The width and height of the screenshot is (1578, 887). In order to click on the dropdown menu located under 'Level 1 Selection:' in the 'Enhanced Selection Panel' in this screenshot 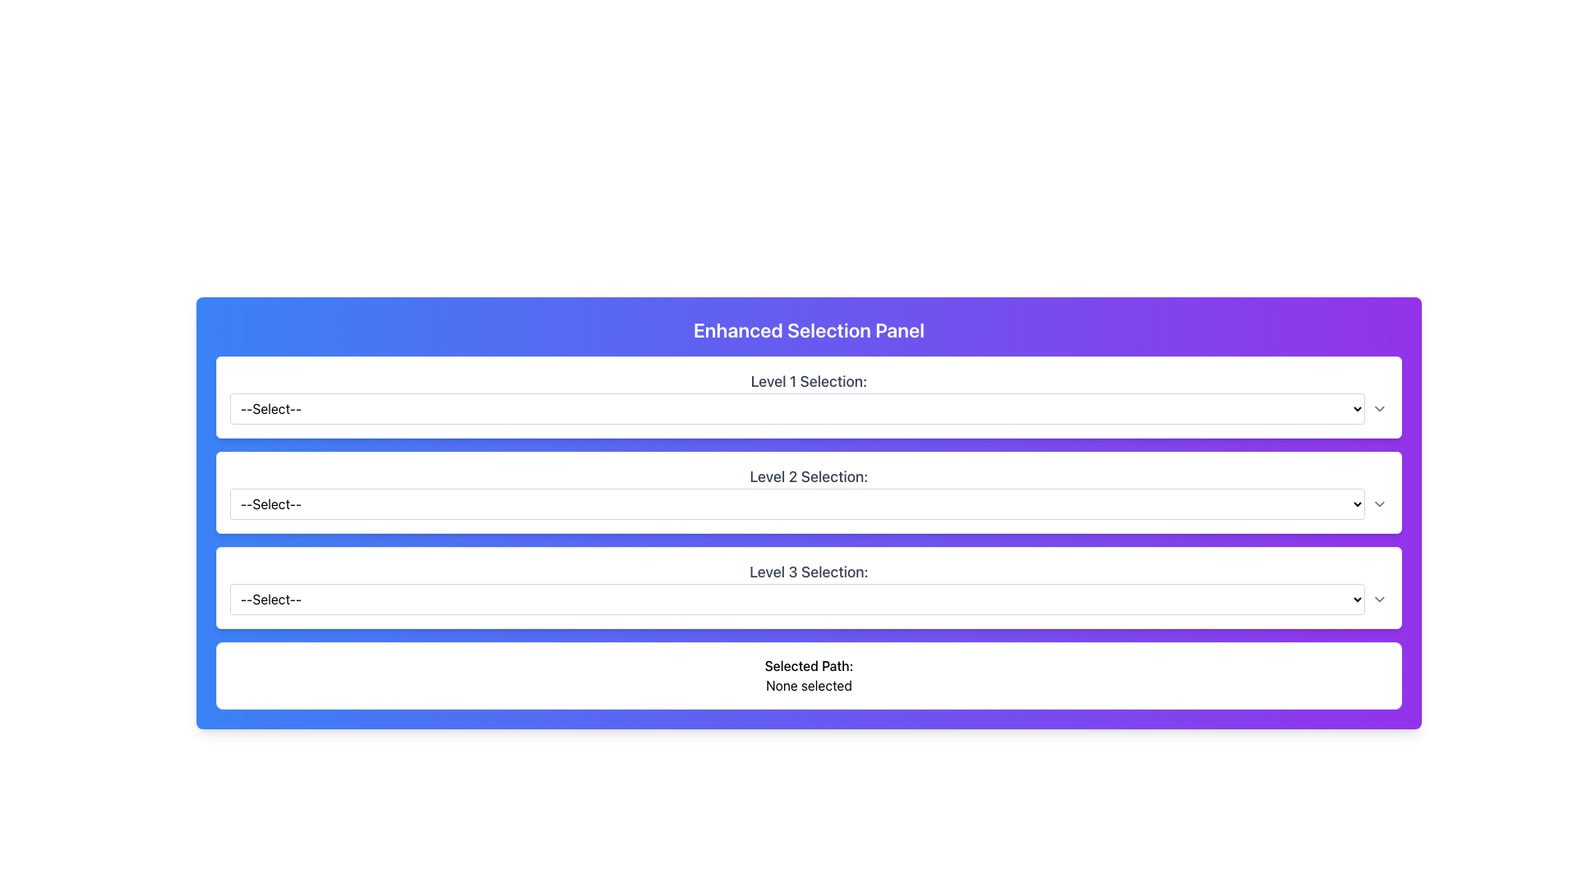, I will do `click(797, 407)`.